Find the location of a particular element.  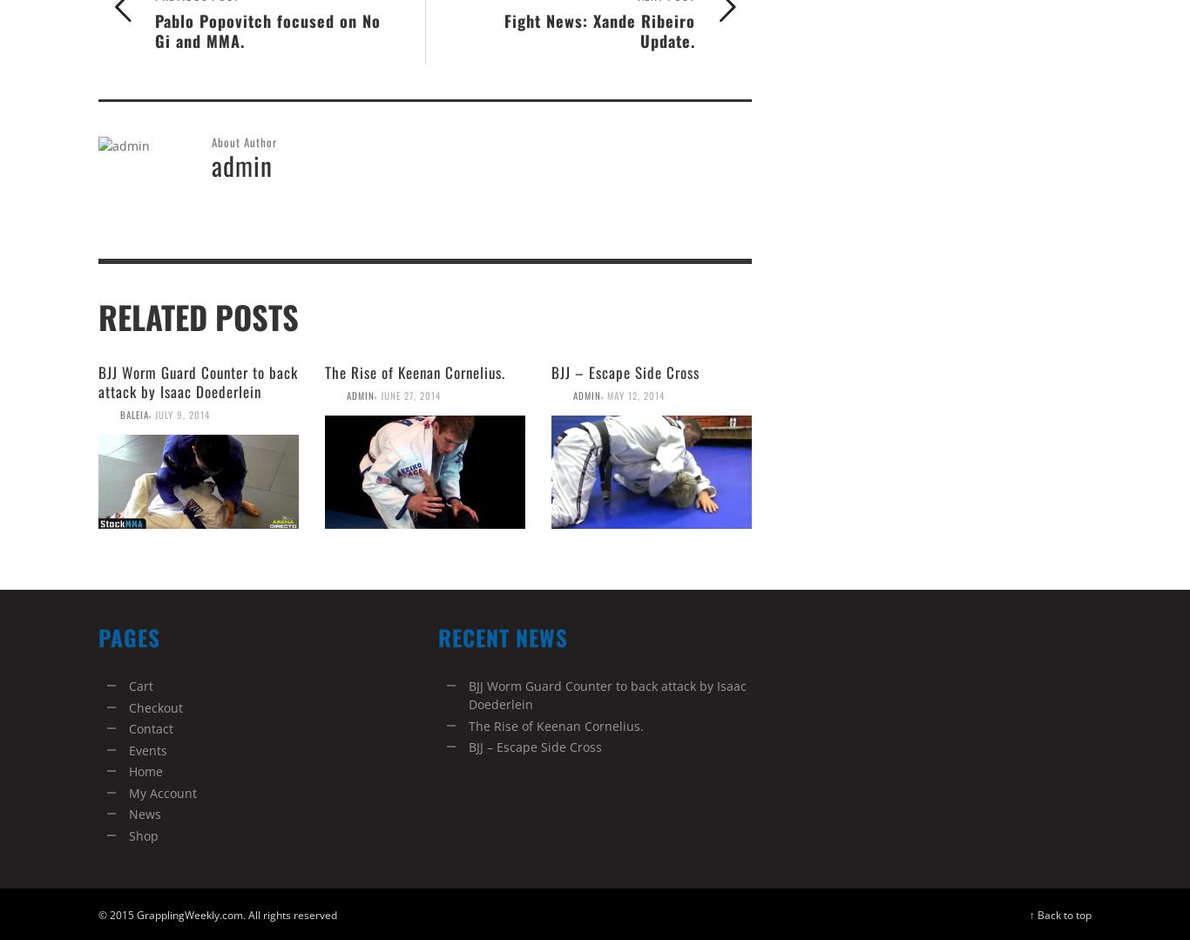

'Pages' is located at coordinates (128, 635).